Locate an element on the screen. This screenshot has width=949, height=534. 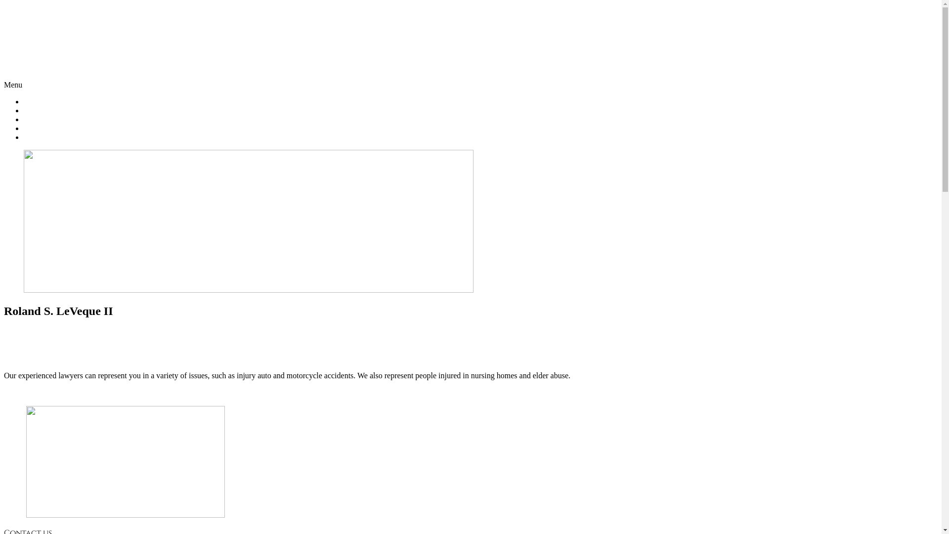
'Menu' is located at coordinates (13, 84).